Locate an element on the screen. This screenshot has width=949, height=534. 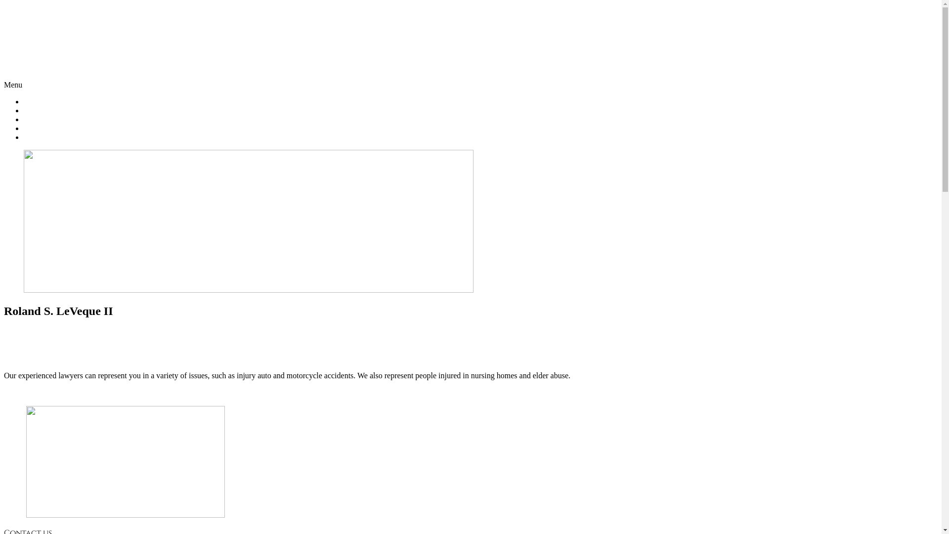
'Menu' is located at coordinates (13, 84).